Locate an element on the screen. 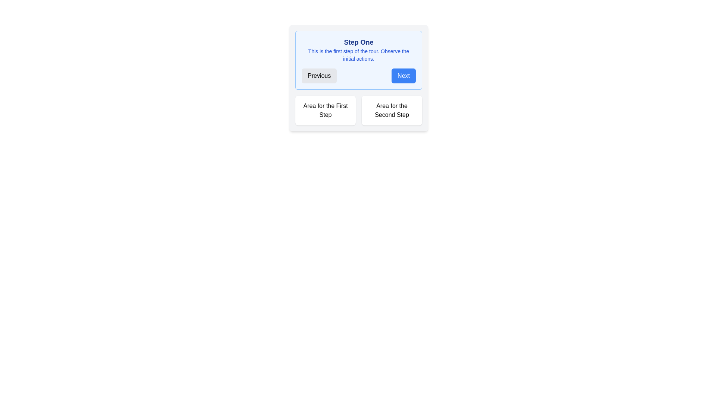  the informational card styled as a white card with the text 'Area for the First Step', positioned in the top-left corner of the grid layout is located at coordinates (326, 111).